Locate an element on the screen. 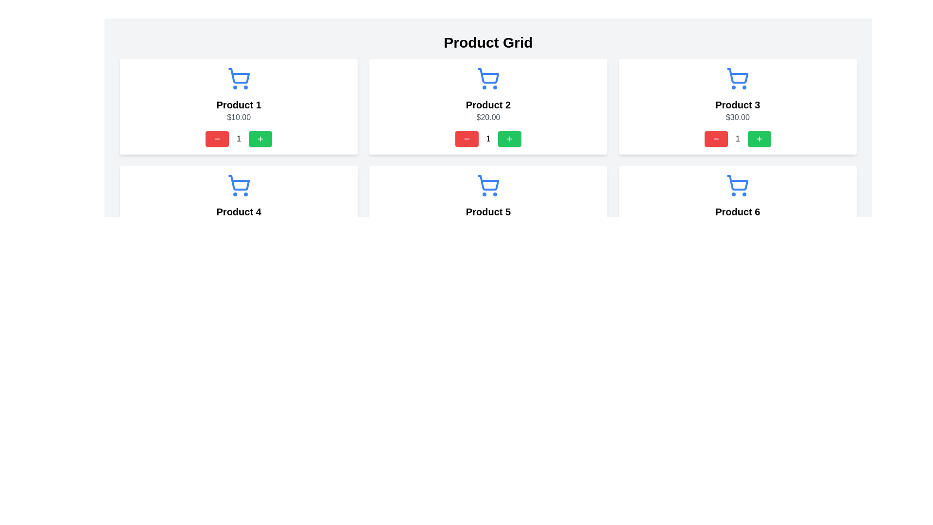 This screenshot has height=525, width=933. the 'Product 3' text label, which is displayed in bold font within a rounded white box, located in the third card of the top row of the product grid is located at coordinates (738, 105).